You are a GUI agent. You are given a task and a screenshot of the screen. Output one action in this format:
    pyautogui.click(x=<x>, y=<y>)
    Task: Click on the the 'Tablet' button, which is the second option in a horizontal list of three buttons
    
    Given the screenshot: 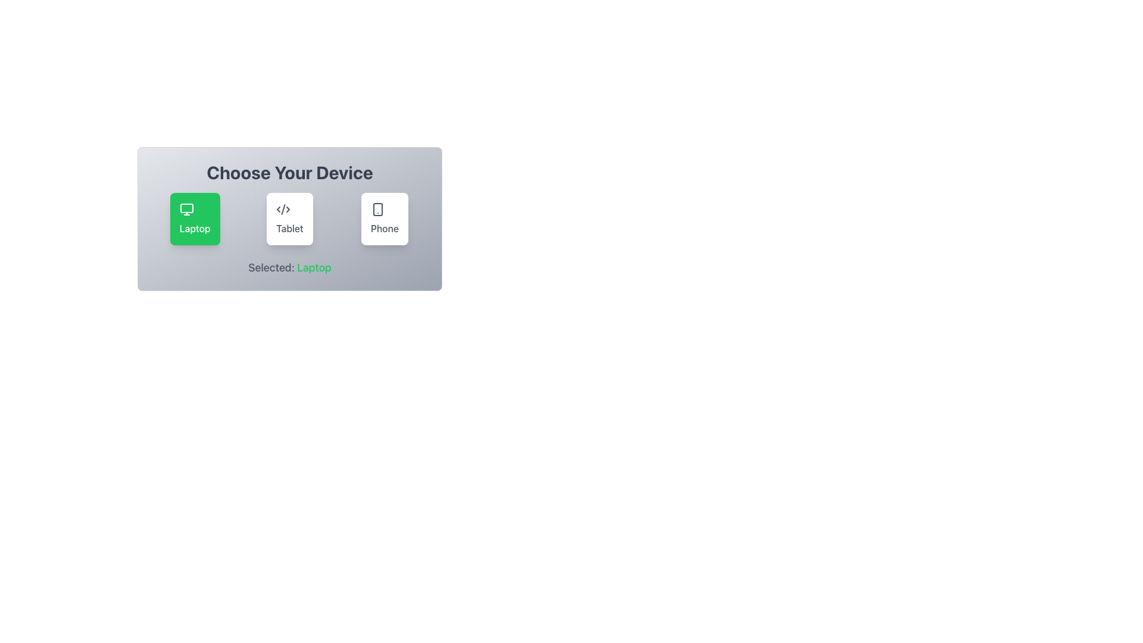 What is the action you would take?
    pyautogui.click(x=289, y=219)
    